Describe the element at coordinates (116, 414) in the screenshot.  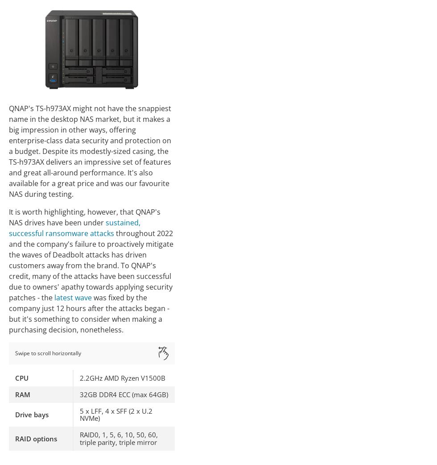
I see `'5 x LFF, 4 x SFF (2 x U.2 NVMe)'` at that location.